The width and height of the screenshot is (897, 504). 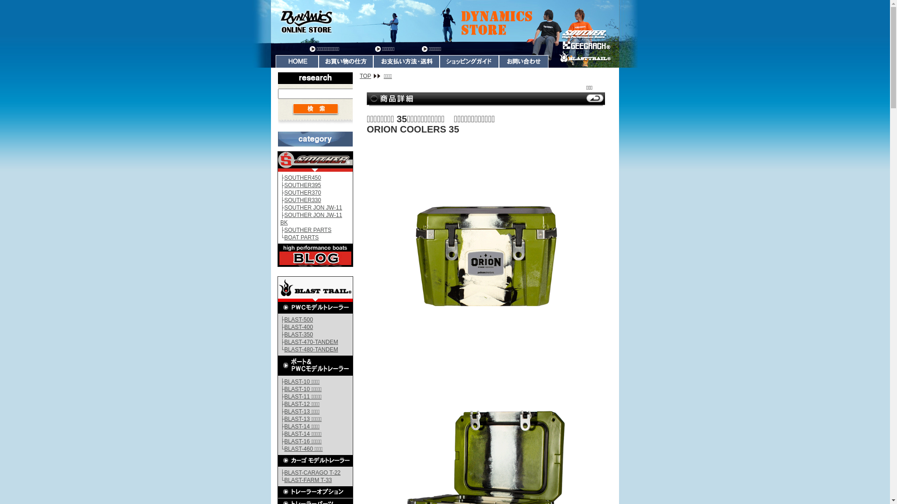 I want to click on 'SOUTHER370', so click(x=303, y=192).